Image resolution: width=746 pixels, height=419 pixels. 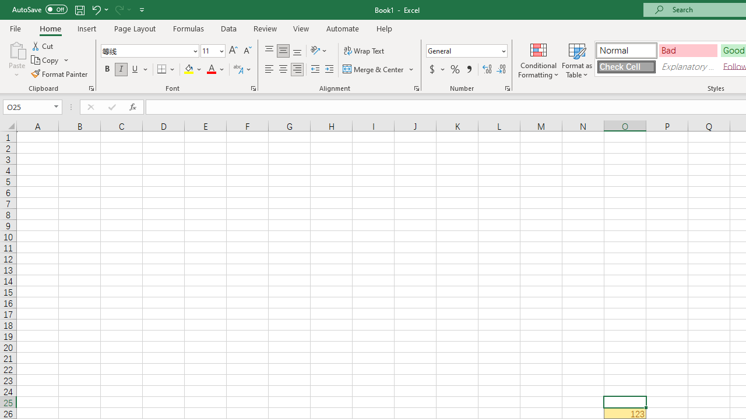 What do you see at coordinates (269, 50) in the screenshot?
I see `'Top Align'` at bounding box center [269, 50].